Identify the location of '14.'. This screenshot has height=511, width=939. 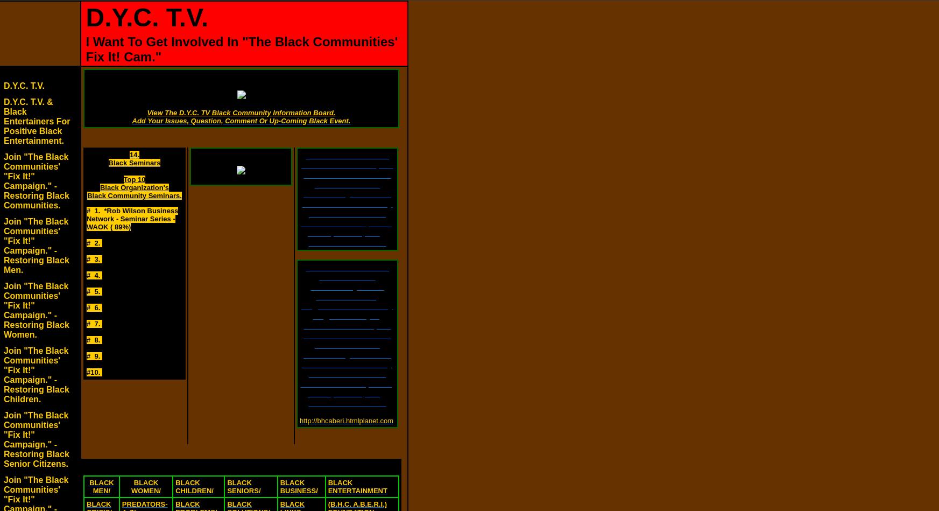
(133, 154).